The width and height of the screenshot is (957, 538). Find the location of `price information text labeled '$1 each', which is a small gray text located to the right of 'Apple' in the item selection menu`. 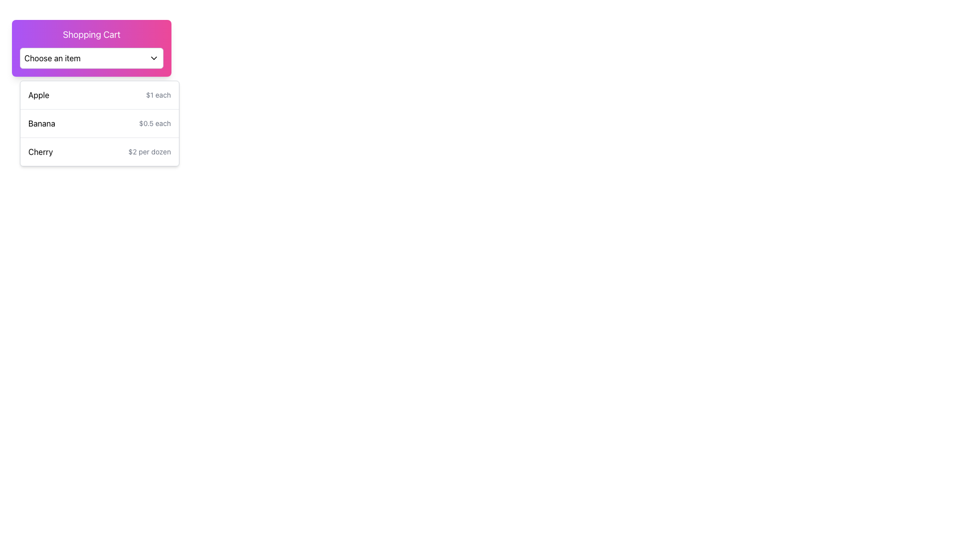

price information text labeled '$1 each', which is a small gray text located to the right of 'Apple' in the item selection menu is located at coordinates (158, 95).